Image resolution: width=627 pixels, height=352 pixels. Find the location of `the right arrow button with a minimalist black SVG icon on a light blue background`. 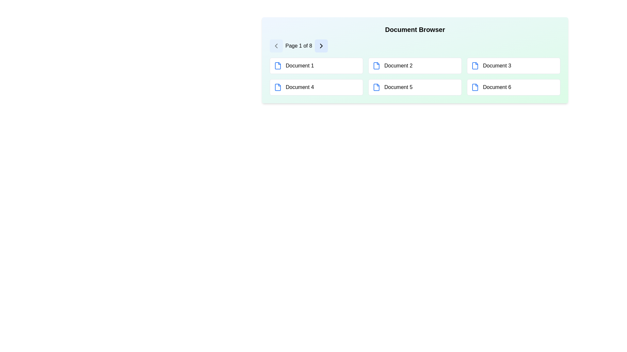

the right arrow button with a minimalist black SVG icon on a light blue background is located at coordinates (321, 46).